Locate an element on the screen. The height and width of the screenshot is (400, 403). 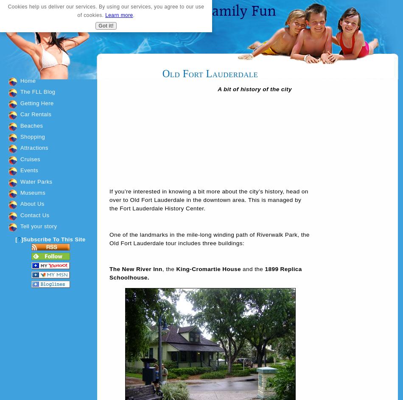
'Home' is located at coordinates (20, 80).